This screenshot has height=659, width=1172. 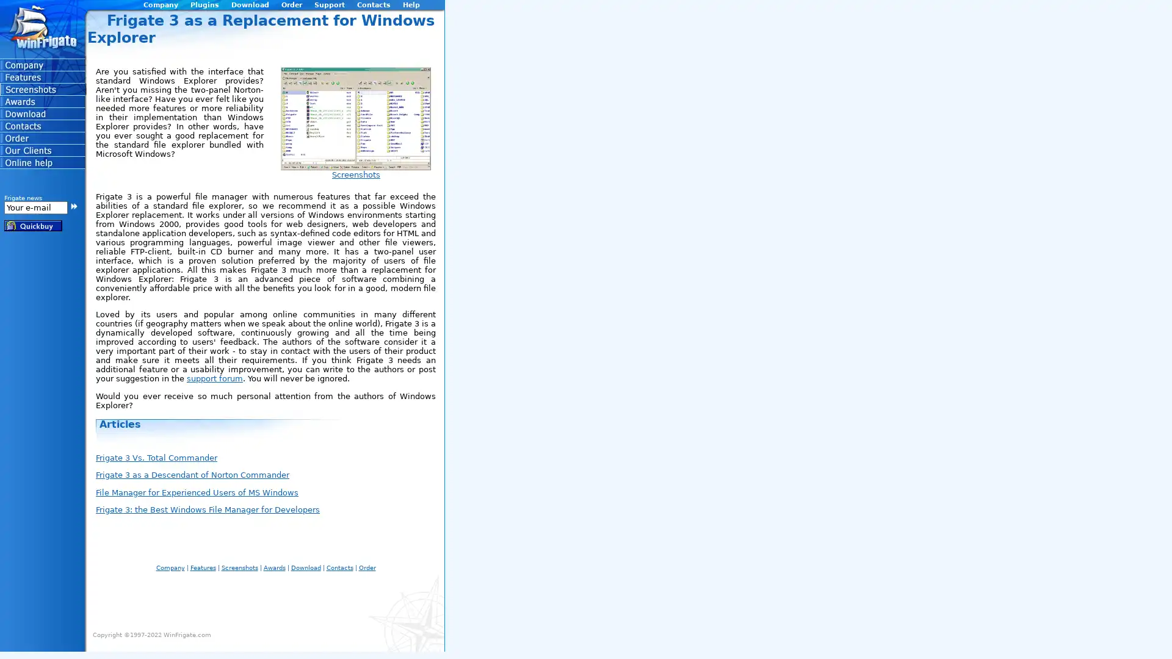 What do you see at coordinates (73, 204) in the screenshot?
I see `go` at bounding box center [73, 204].